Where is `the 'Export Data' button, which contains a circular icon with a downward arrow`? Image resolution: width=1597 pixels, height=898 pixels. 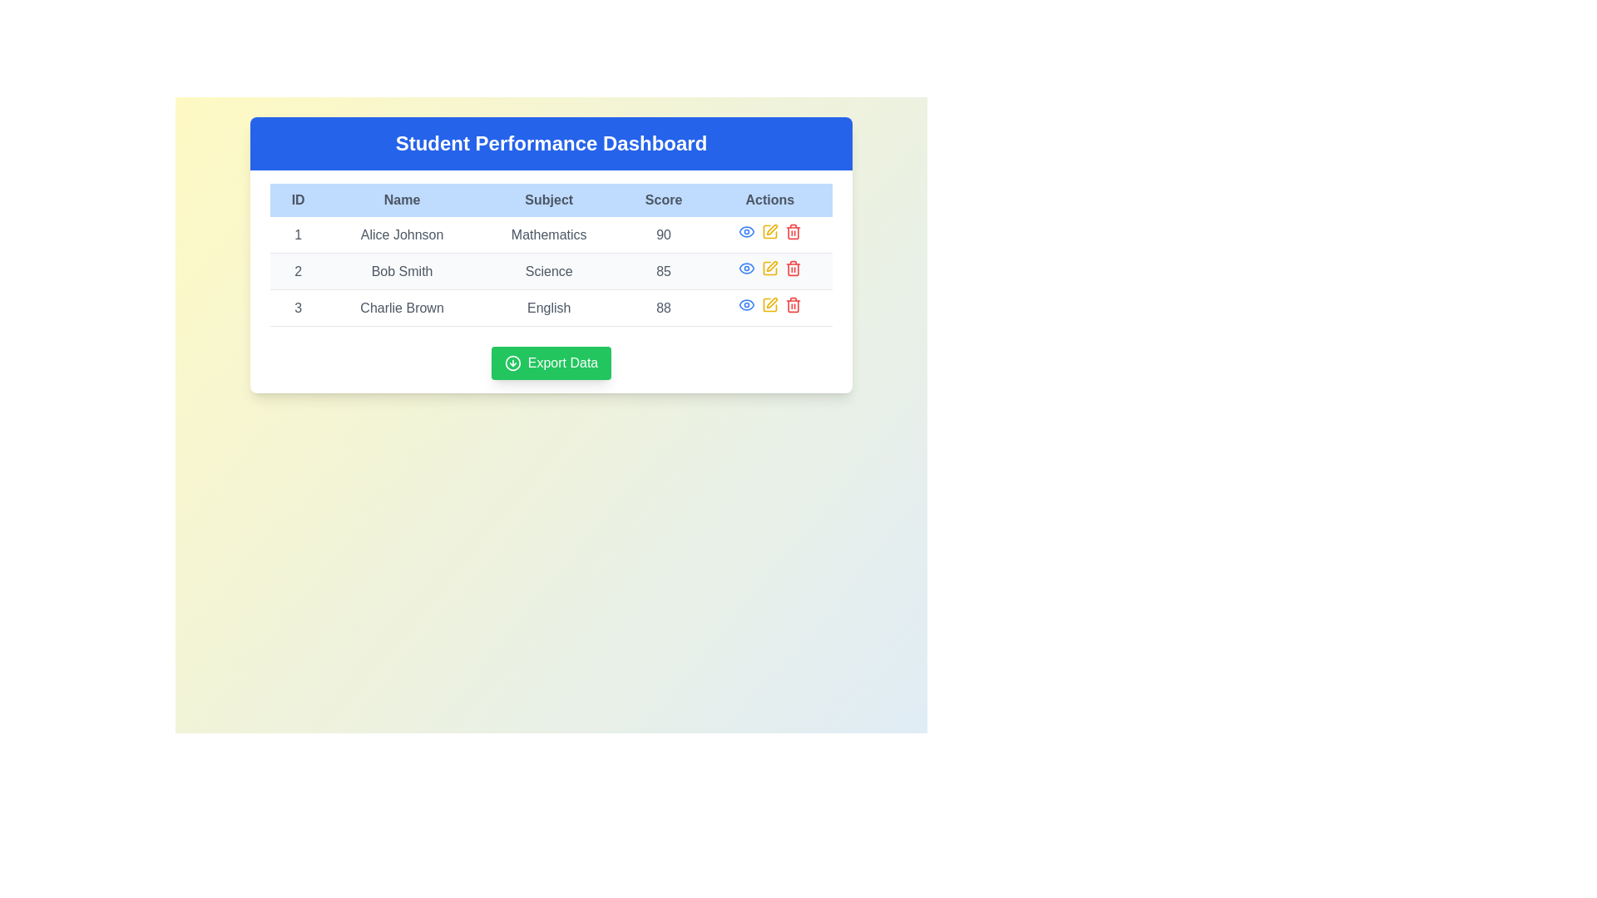
the 'Export Data' button, which contains a circular icon with a downward arrow is located at coordinates (512, 362).